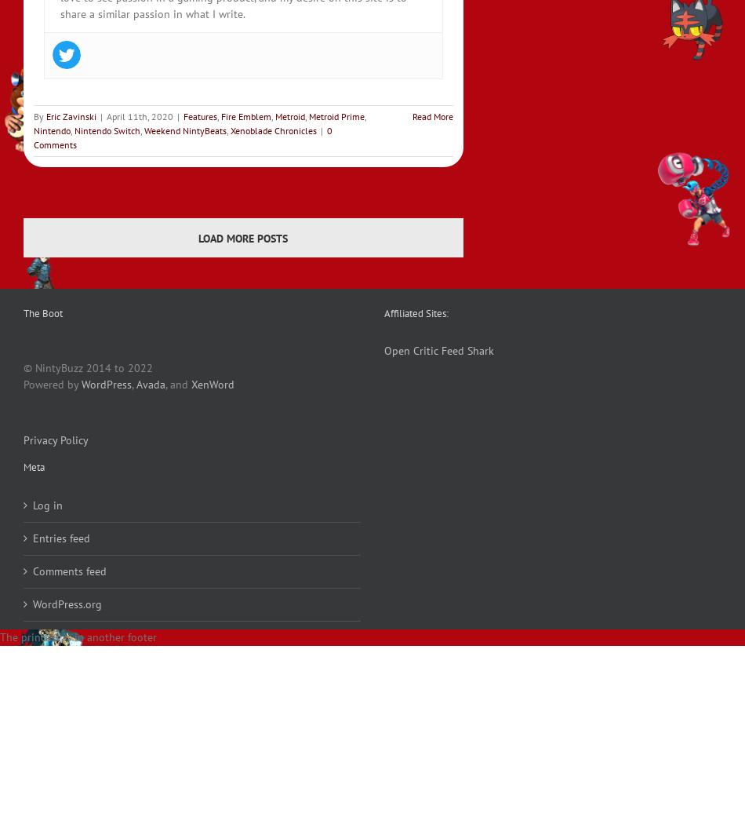  What do you see at coordinates (71, 115) in the screenshot?
I see `'Eric Zavinski'` at bounding box center [71, 115].